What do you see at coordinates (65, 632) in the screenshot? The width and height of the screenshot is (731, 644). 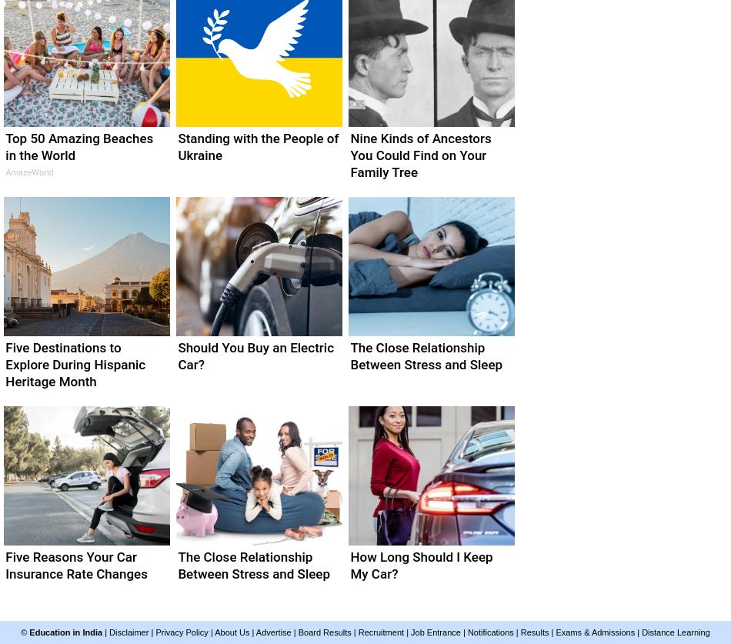 I see `'Education in India'` at bounding box center [65, 632].